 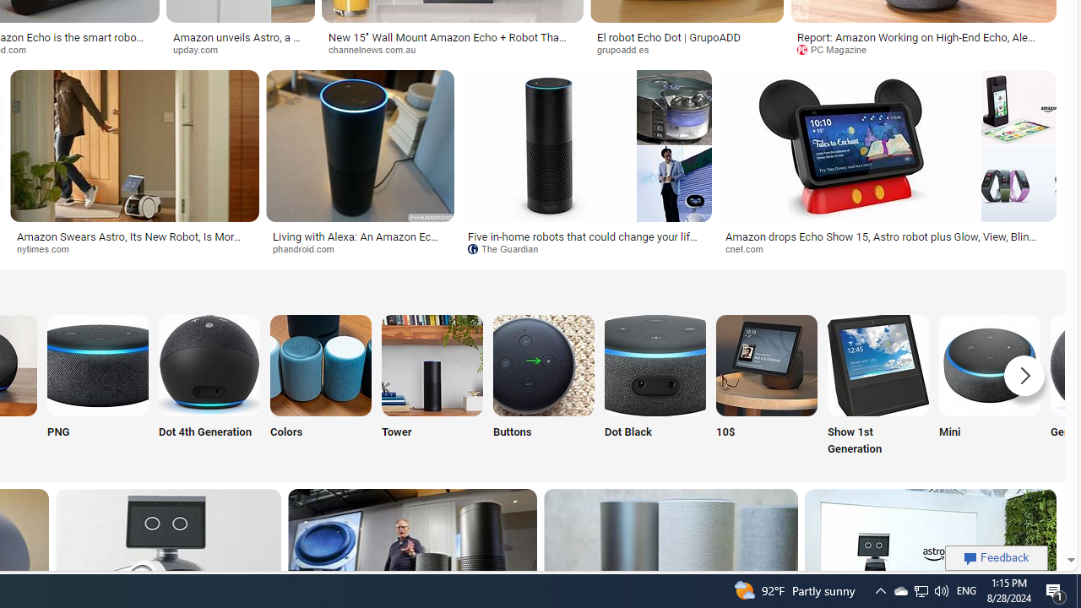 What do you see at coordinates (321, 387) in the screenshot?
I see `'Amazon Echo Colors Colors'` at bounding box center [321, 387].